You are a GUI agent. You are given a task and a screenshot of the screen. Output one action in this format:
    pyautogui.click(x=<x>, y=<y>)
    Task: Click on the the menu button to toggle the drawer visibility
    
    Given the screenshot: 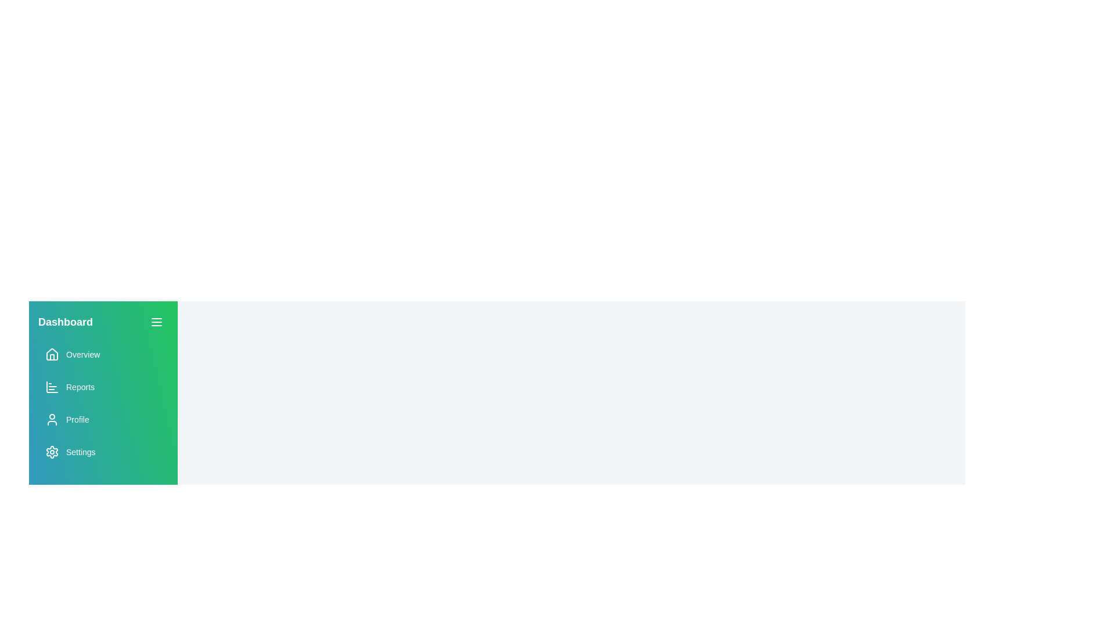 What is the action you would take?
    pyautogui.click(x=156, y=322)
    